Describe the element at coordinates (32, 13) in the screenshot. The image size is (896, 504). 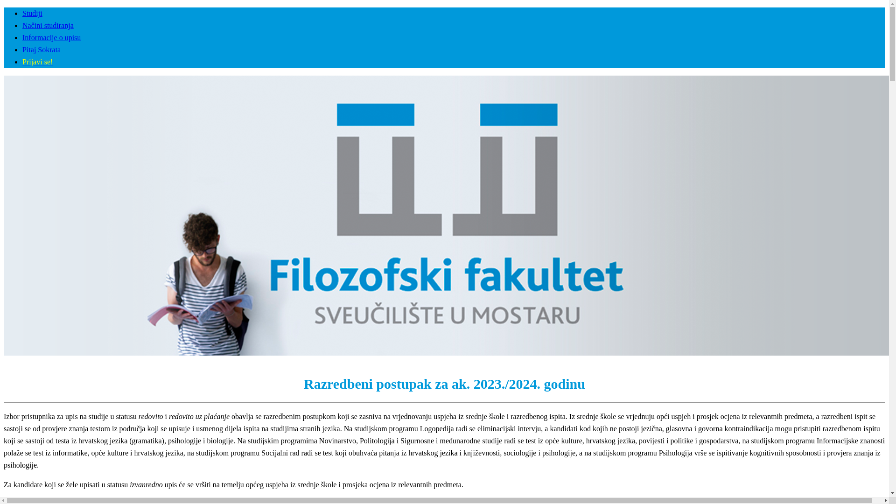
I see `'Studiji'` at that location.